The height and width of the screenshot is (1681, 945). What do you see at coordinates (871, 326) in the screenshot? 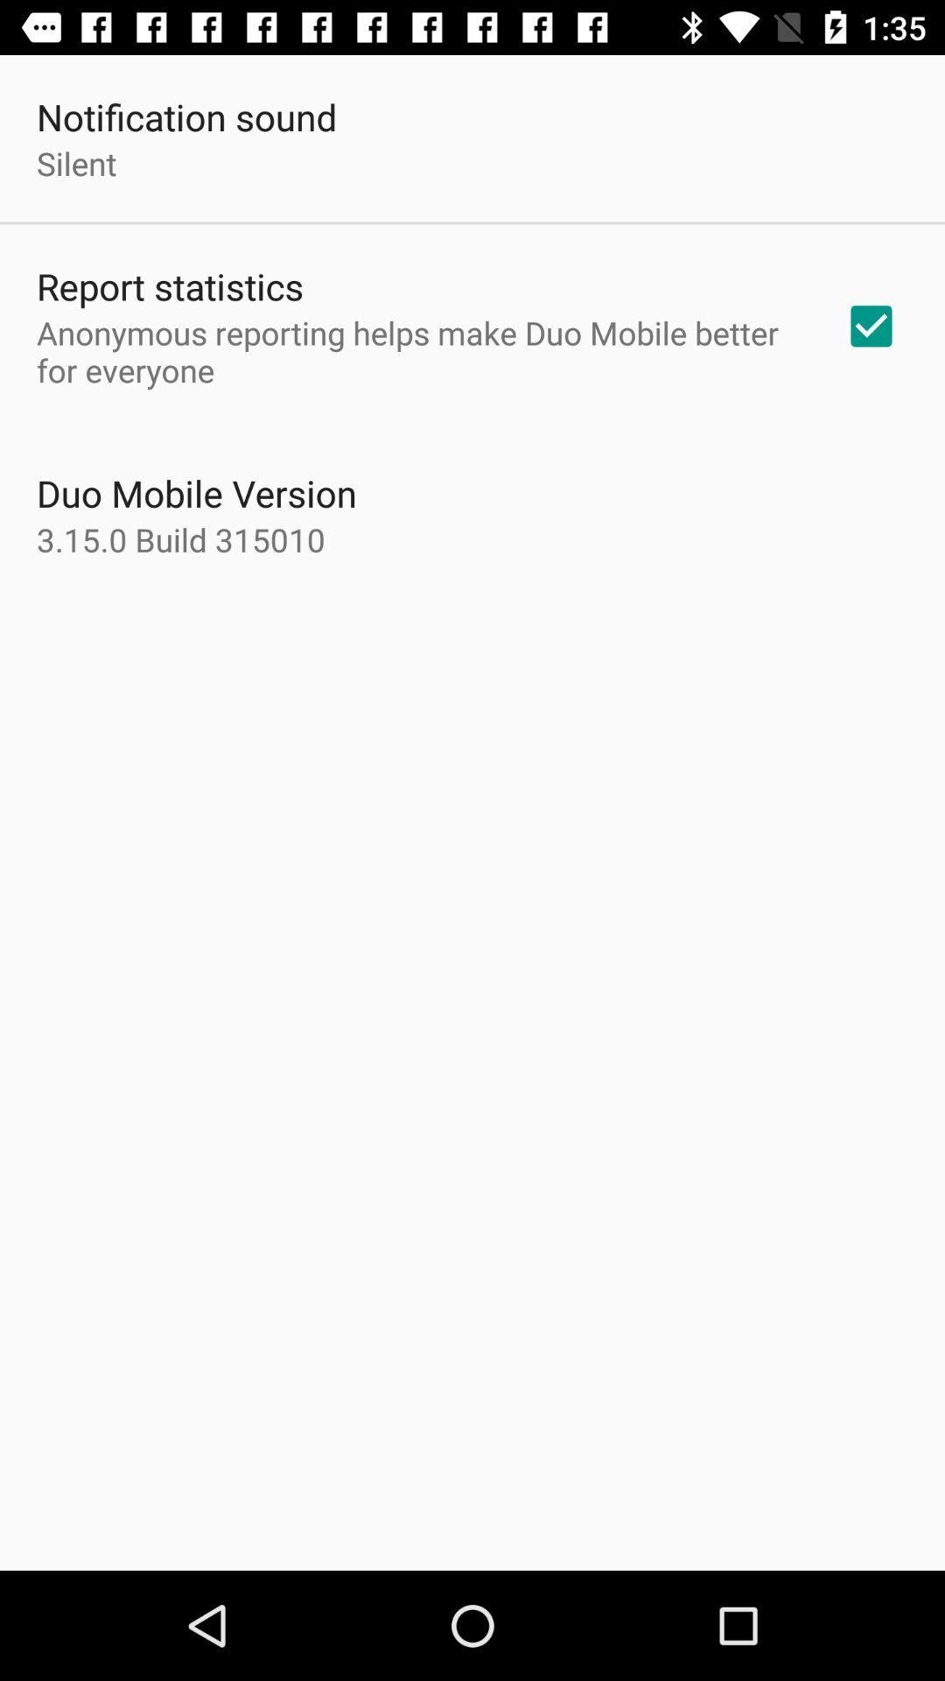
I see `icon at the top right corner` at bounding box center [871, 326].